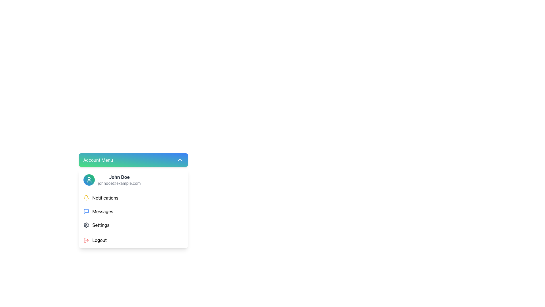 The width and height of the screenshot is (545, 307). I want to click on the 'Logout' button, which features a red log-out icon and bold black text on a white background, located at the bottom of the menu list, so click(133, 240).